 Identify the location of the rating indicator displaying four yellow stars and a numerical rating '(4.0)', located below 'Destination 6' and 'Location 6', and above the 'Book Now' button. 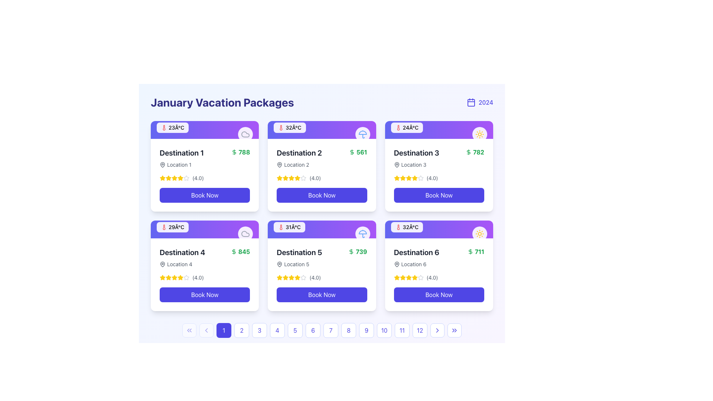
(439, 278).